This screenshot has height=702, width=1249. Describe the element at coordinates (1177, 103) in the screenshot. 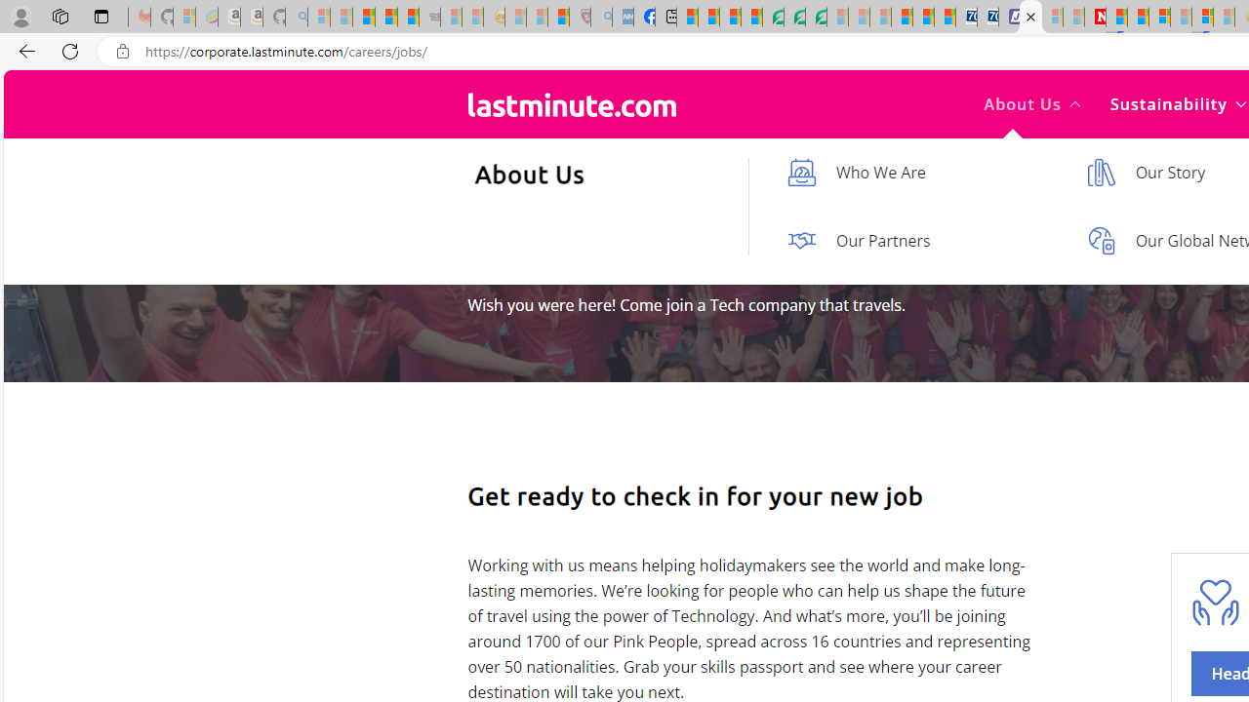

I see `'Sustainability'` at that location.